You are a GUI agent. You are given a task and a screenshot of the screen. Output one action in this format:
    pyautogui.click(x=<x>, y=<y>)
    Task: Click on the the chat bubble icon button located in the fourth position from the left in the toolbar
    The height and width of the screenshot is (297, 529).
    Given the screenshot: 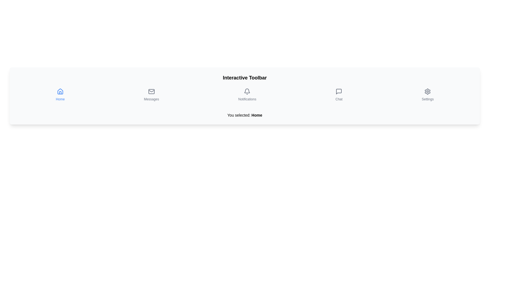 What is the action you would take?
    pyautogui.click(x=338, y=91)
    